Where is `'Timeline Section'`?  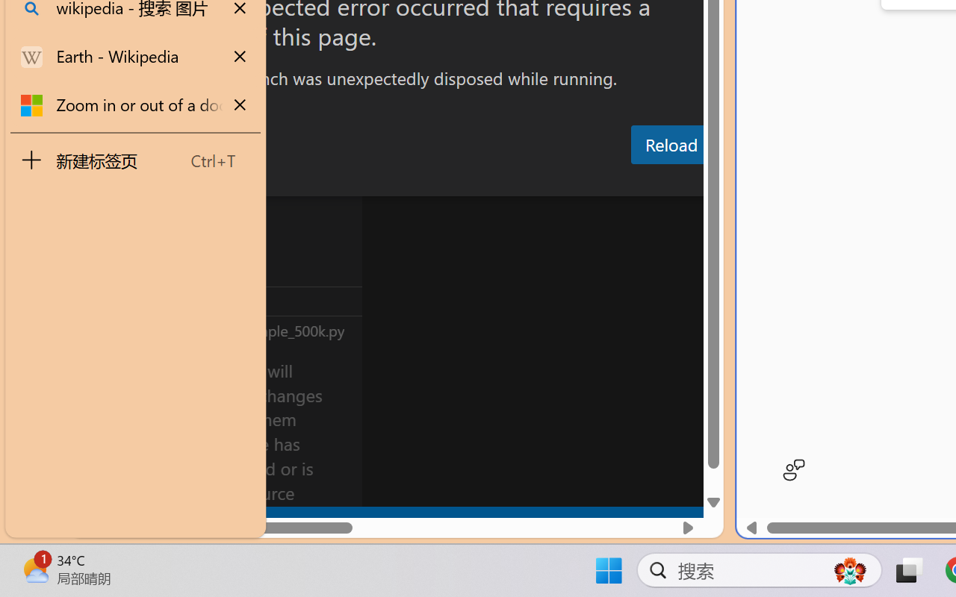 'Timeline Section' is located at coordinates (247, 329).